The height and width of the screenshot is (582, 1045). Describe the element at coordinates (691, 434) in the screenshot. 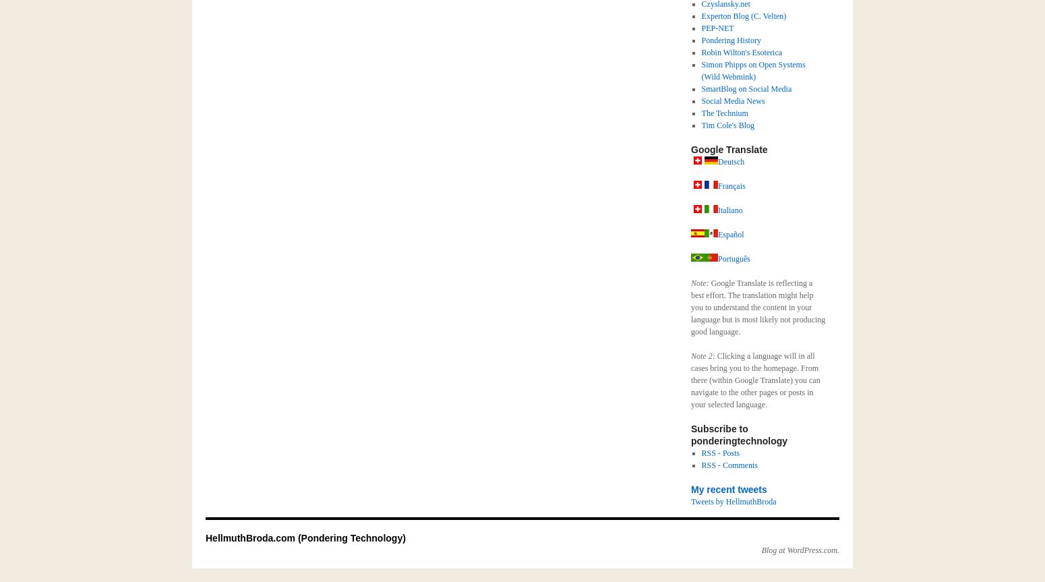

I see `'Subscribe to ponderingtechnology'` at that location.